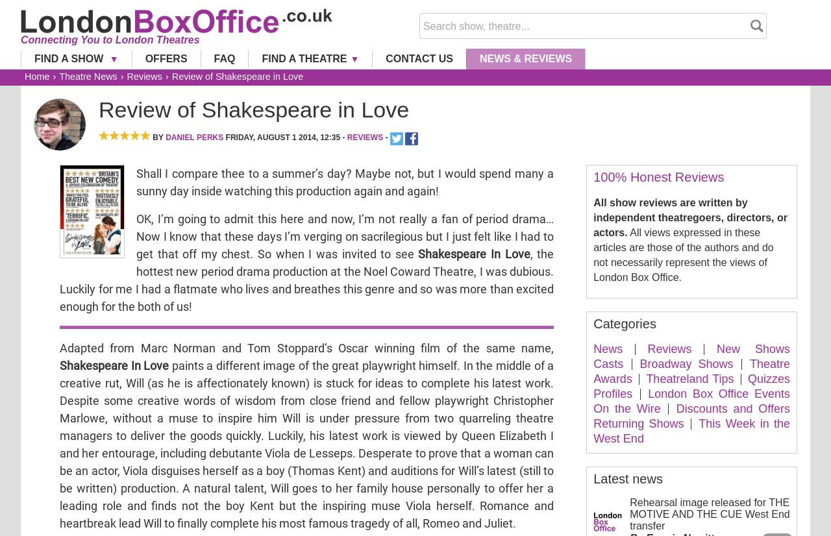 This screenshot has width=831, height=536. I want to click on 'By', so click(157, 136).